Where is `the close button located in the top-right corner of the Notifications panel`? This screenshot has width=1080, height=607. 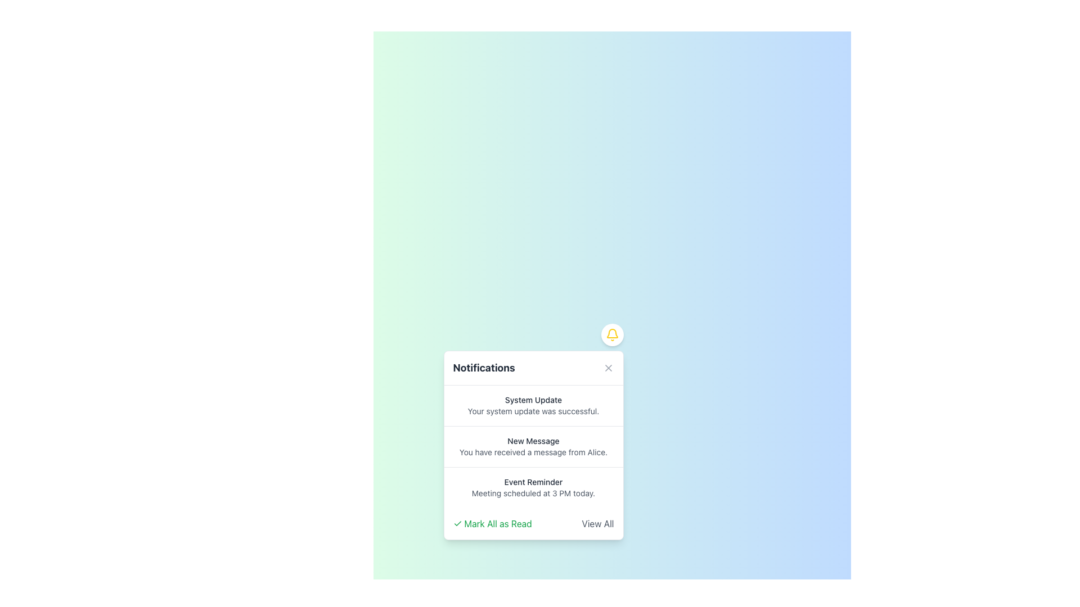
the close button located in the top-right corner of the Notifications panel is located at coordinates (607, 368).